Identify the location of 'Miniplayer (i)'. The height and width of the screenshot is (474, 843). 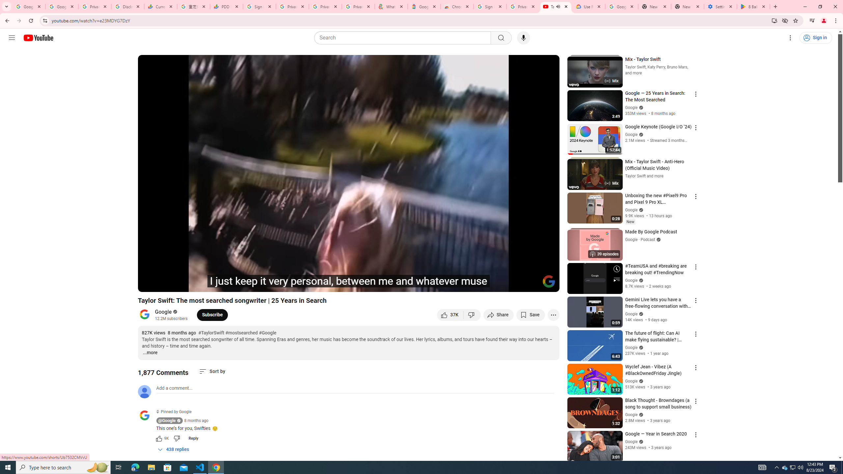
(515, 284).